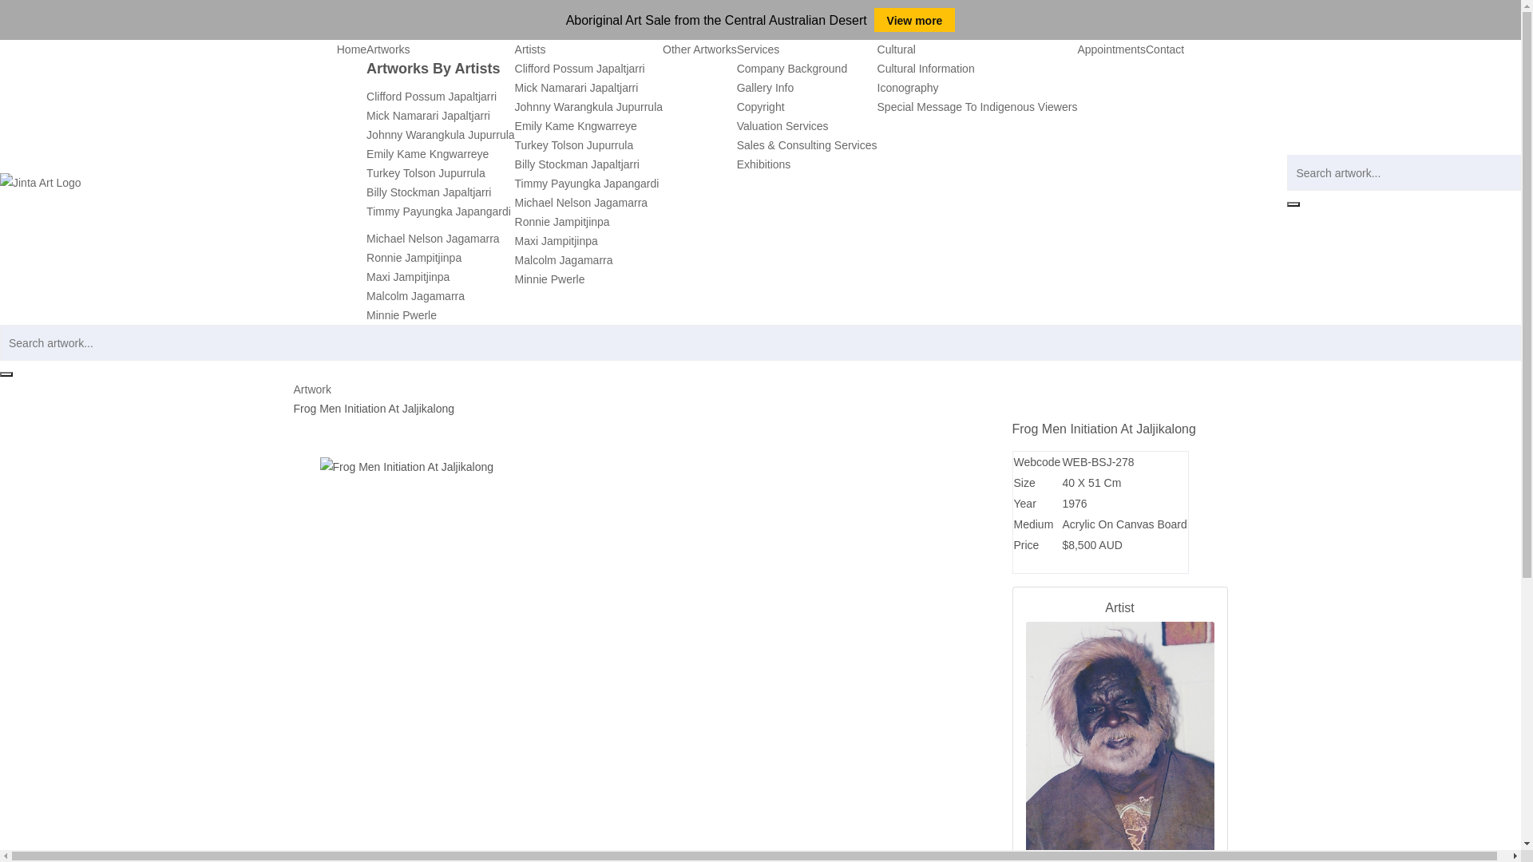  I want to click on 'Iconography', so click(908, 88).